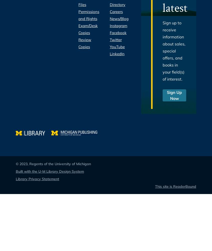 The width and height of the screenshot is (212, 251). What do you see at coordinates (175, 186) in the screenshot?
I see `'This site is
                ReaderBound'` at bounding box center [175, 186].